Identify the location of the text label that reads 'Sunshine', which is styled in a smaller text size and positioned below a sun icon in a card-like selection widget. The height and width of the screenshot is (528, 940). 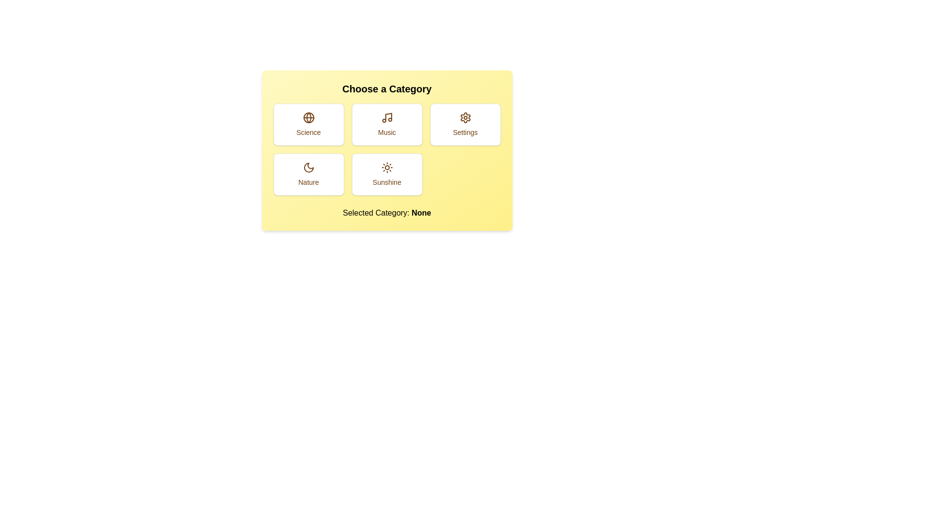
(386, 182).